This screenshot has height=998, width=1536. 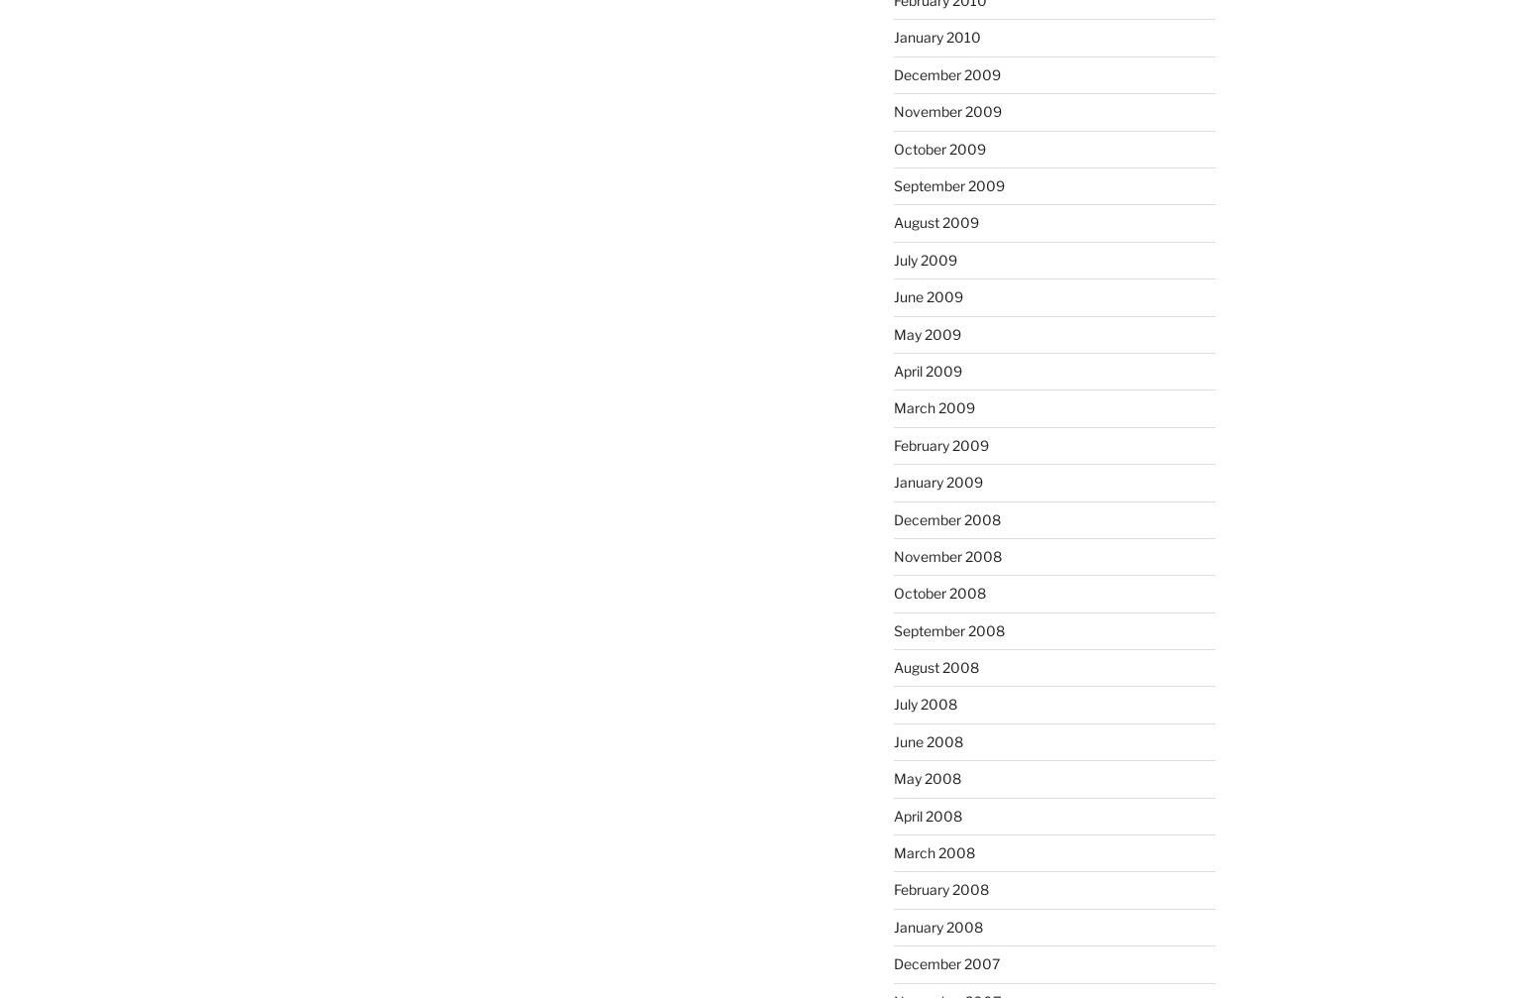 I want to click on 'June 2008', so click(x=927, y=739).